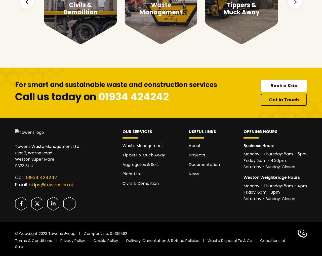 Image resolution: width=322 pixels, height=256 pixels. I want to click on 'For smart and sustainable waste and construction services', so click(116, 84).